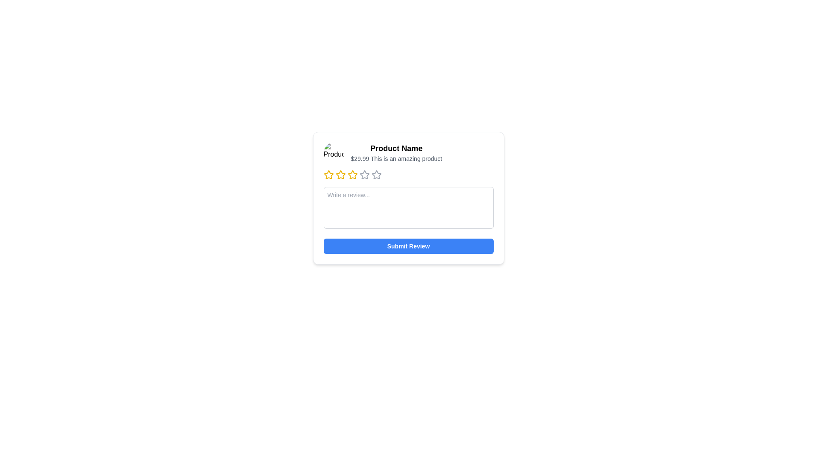 The width and height of the screenshot is (820, 461). I want to click on the fifth star icon in the star rating control, so click(376, 174).